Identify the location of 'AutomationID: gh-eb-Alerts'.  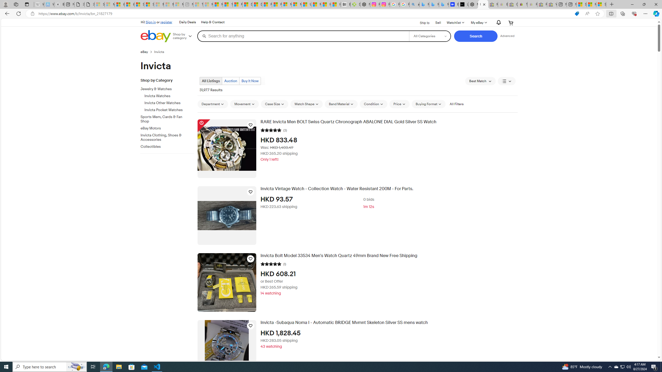
(498, 23).